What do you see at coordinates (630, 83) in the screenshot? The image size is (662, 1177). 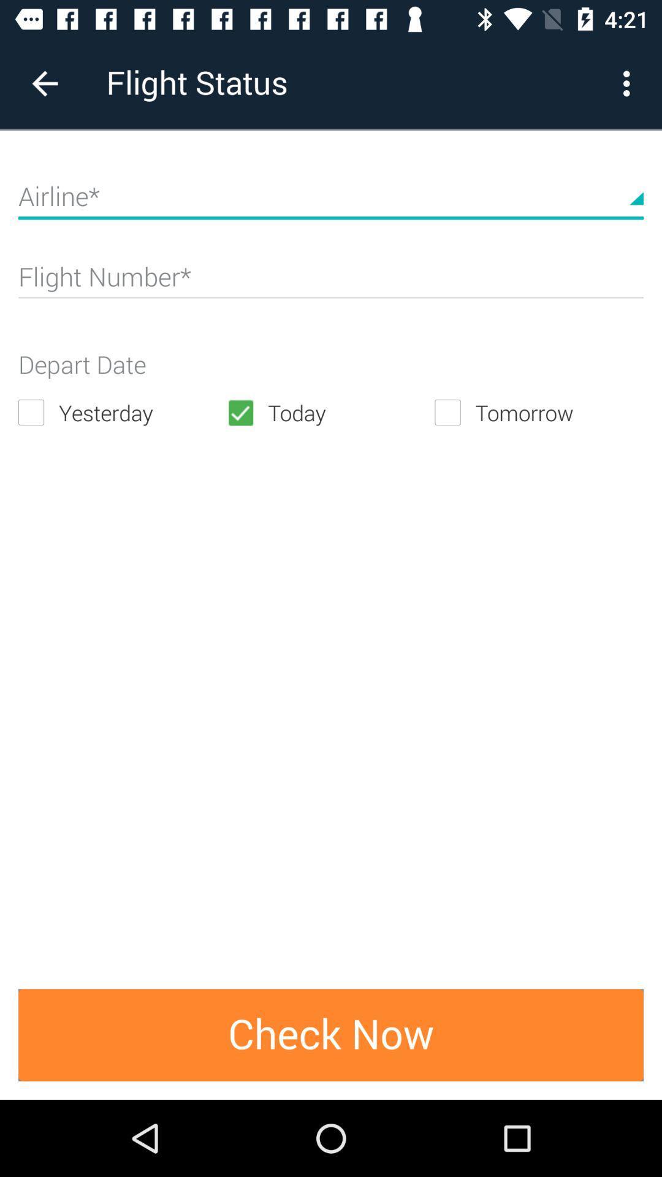 I see `the item next to flight status item` at bounding box center [630, 83].